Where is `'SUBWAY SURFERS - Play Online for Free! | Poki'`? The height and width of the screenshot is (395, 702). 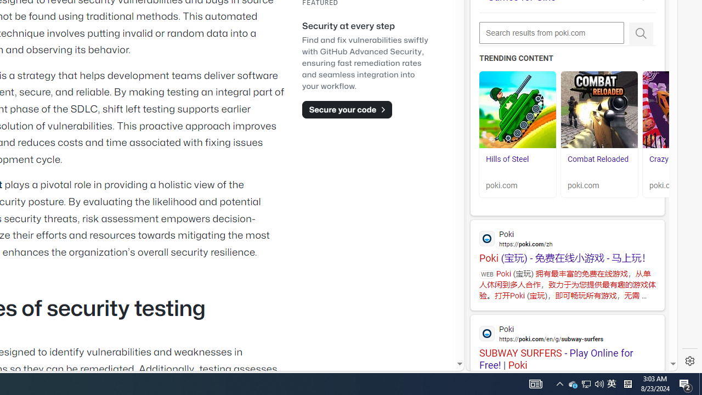
'SUBWAY SURFERS - Play Online for Free! | Poki' is located at coordinates (567, 342).